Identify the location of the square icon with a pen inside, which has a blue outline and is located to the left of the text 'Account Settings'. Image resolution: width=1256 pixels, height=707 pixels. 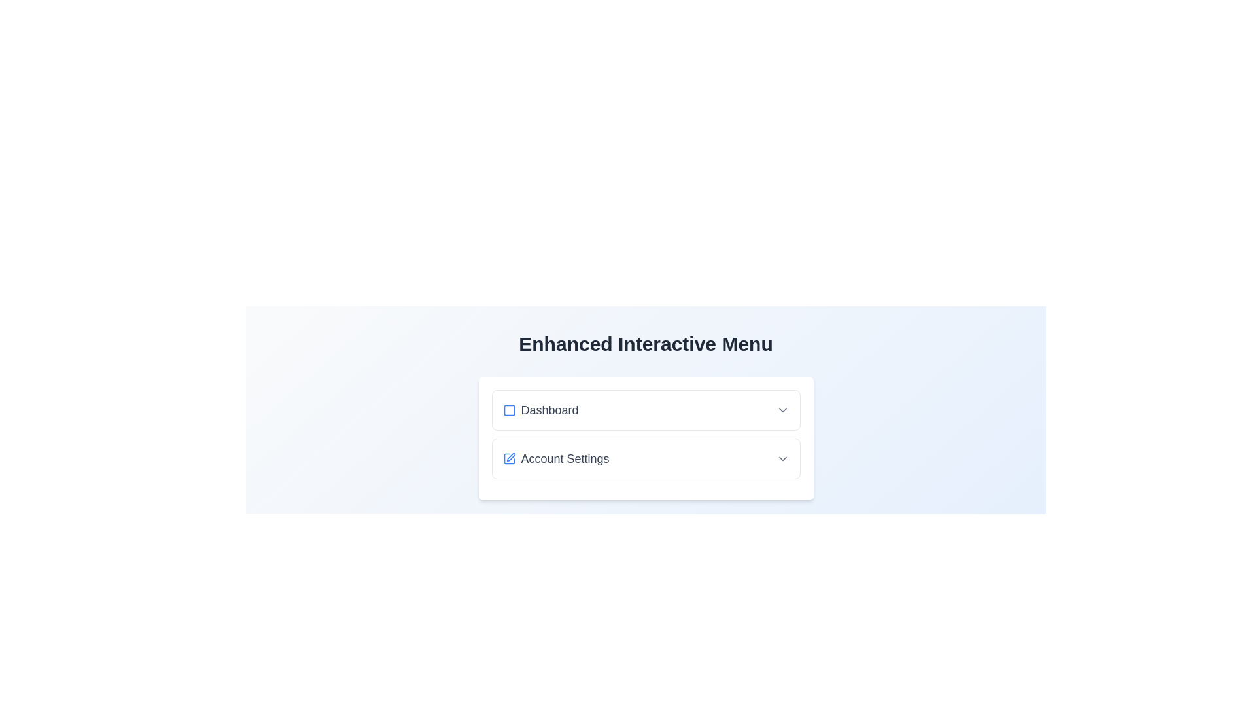
(508, 458).